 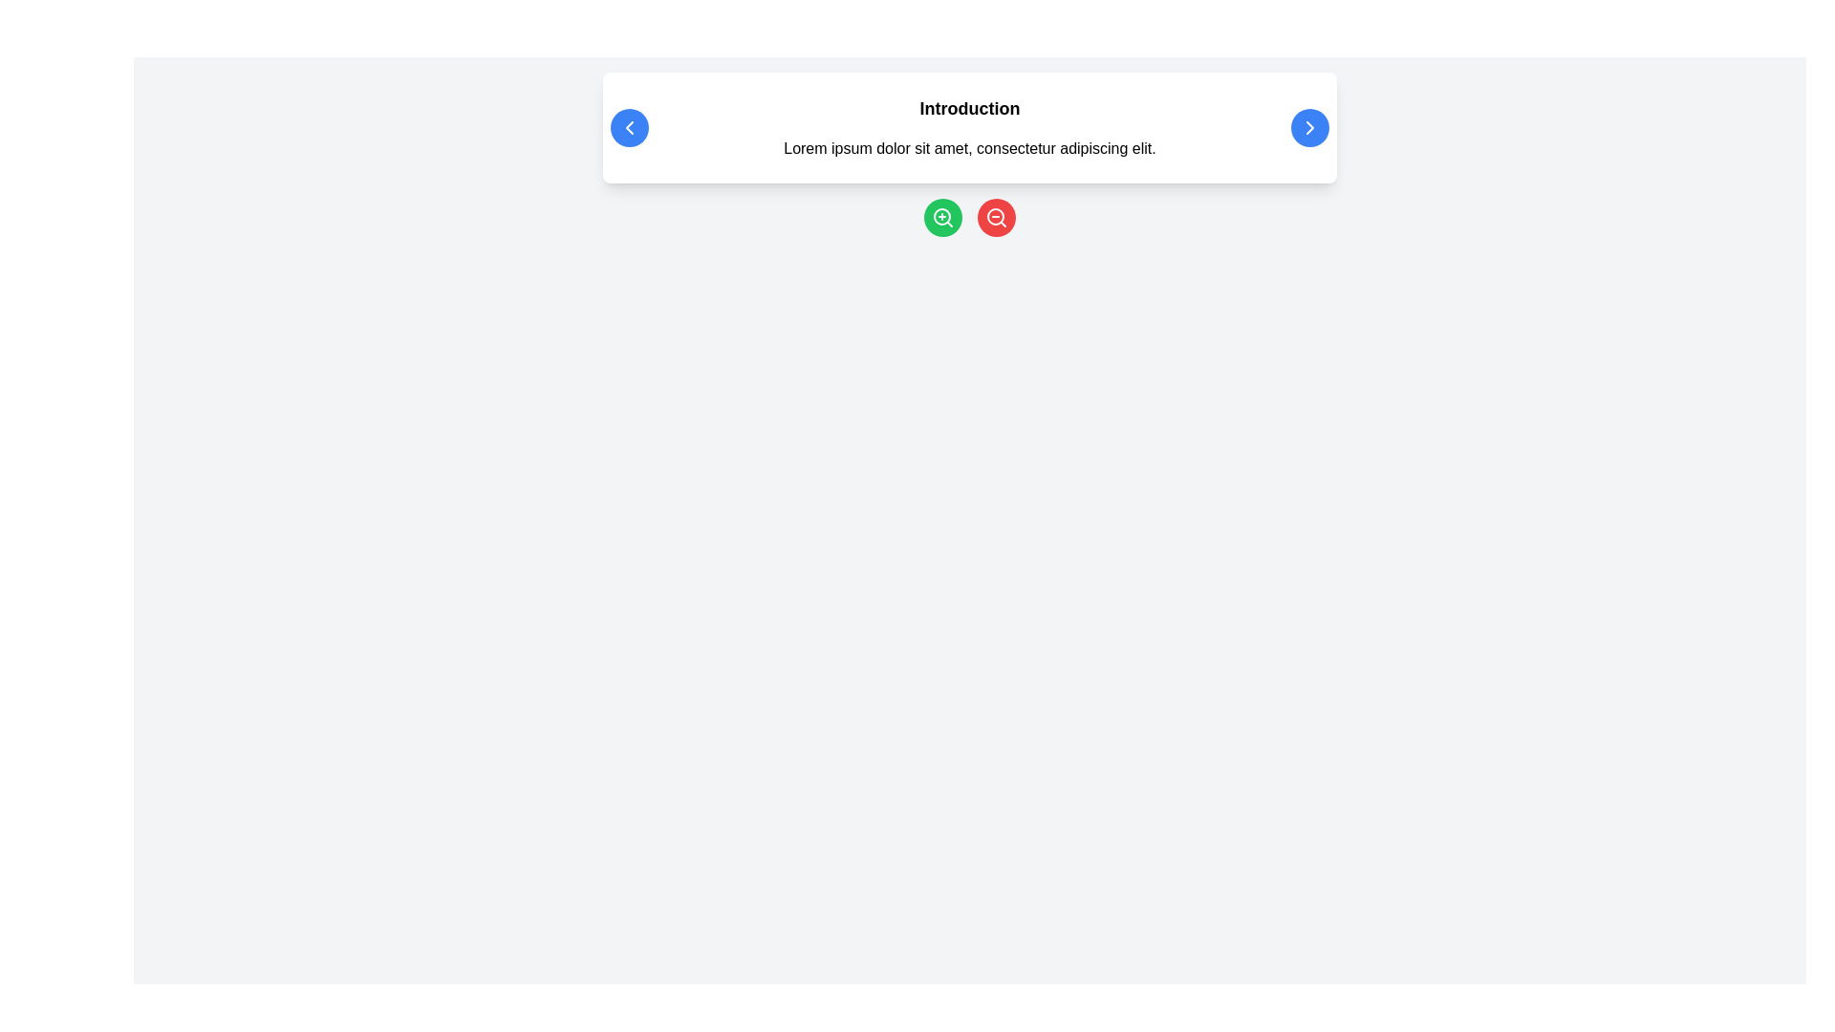 What do you see at coordinates (1309, 128) in the screenshot?
I see `the chevron icon within the circular blue button located in the top-right corner of the white card` at bounding box center [1309, 128].